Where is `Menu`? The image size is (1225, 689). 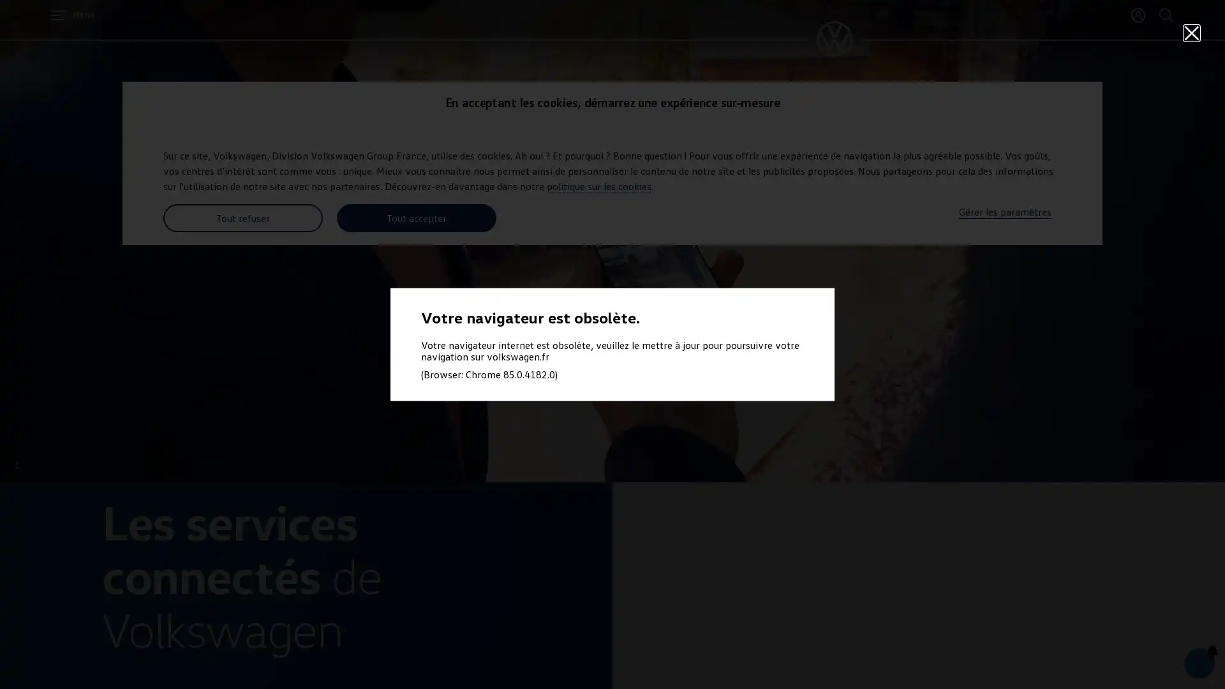
Menu is located at coordinates (72, 15).